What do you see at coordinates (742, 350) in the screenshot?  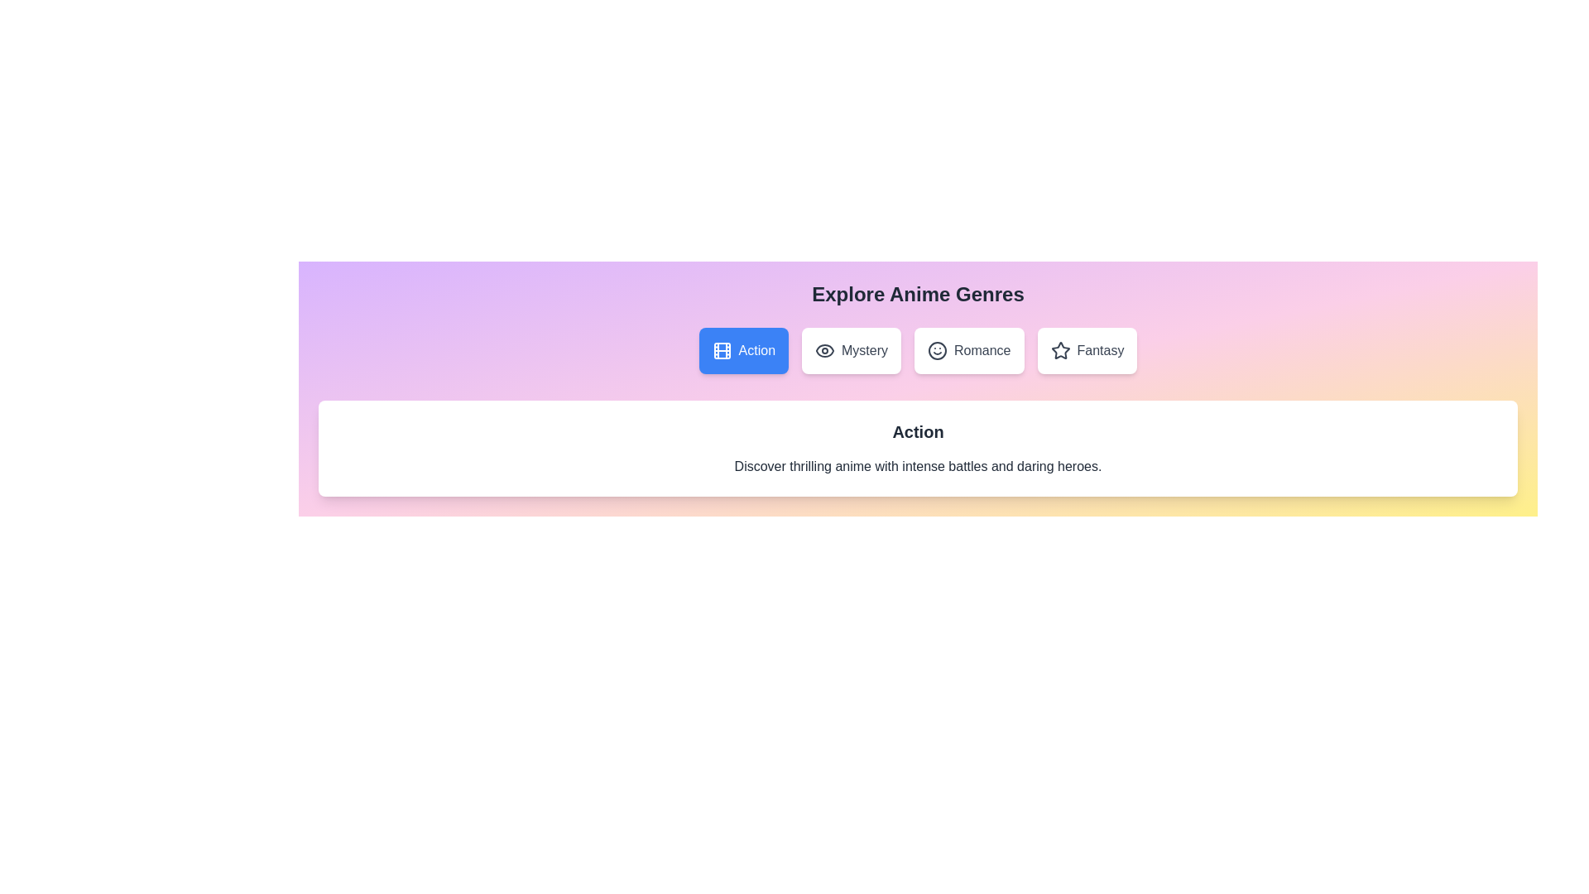 I see `the Action tab by clicking on it` at bounding box center [742, 350].